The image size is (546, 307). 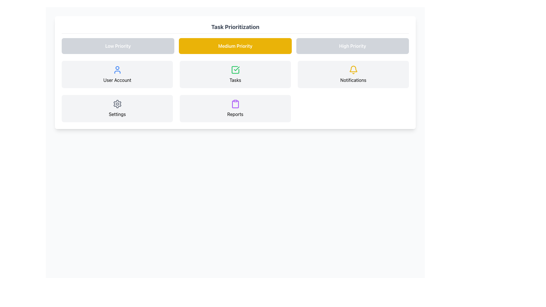 What do you see at coordinates (235, 104) in the screenshot?
I see `the 'Reports' icon in the task prioritization grid, located in the bottom-right of the grid above the text 'Reports'` at bounding box center [235, 104].